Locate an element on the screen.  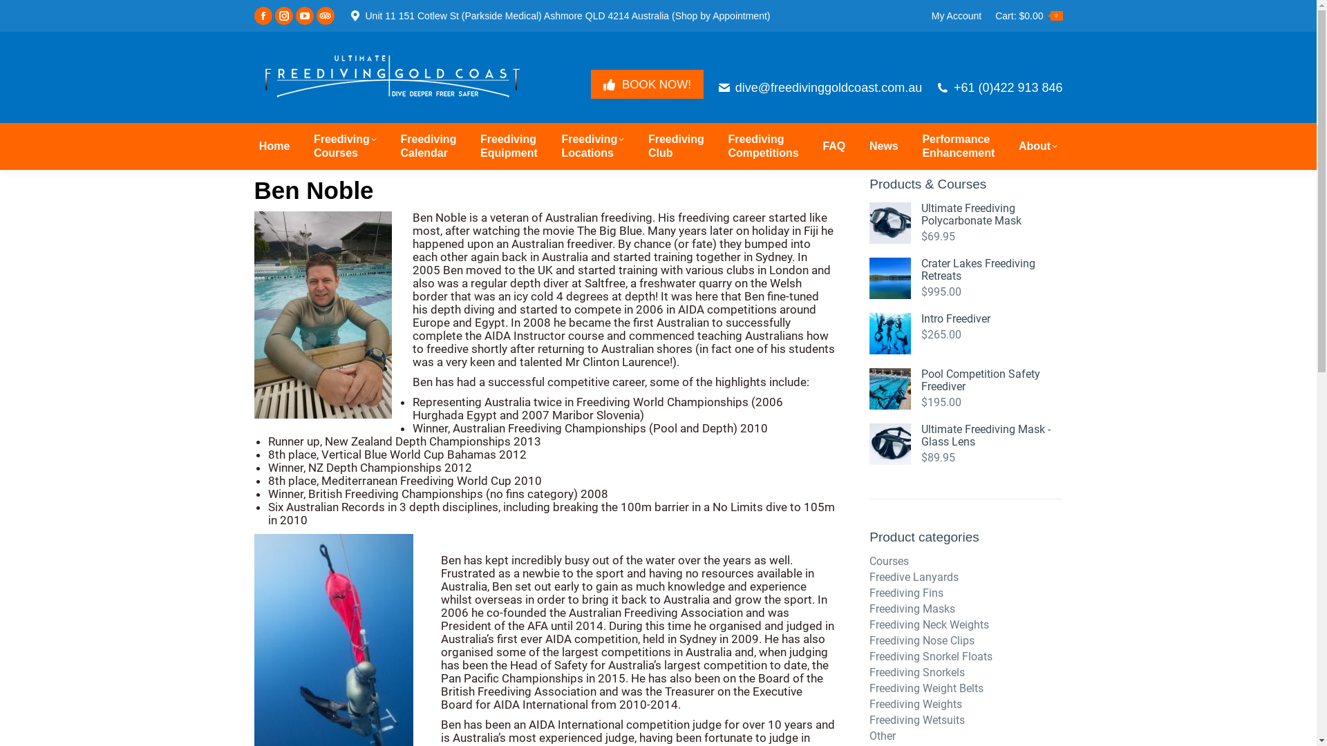
'About' is located at coordinates (1038, 146).